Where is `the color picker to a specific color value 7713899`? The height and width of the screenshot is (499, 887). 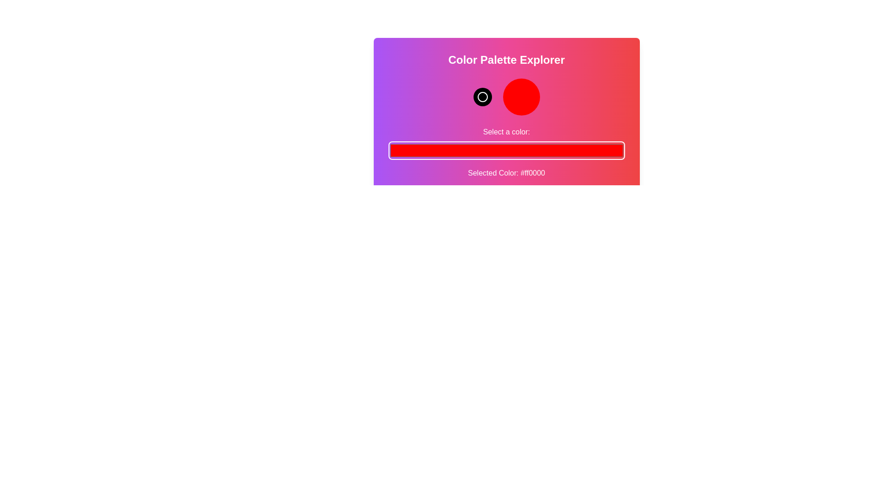
the color picker to a specific color value 7713899 is located at coordinates (506, 150).